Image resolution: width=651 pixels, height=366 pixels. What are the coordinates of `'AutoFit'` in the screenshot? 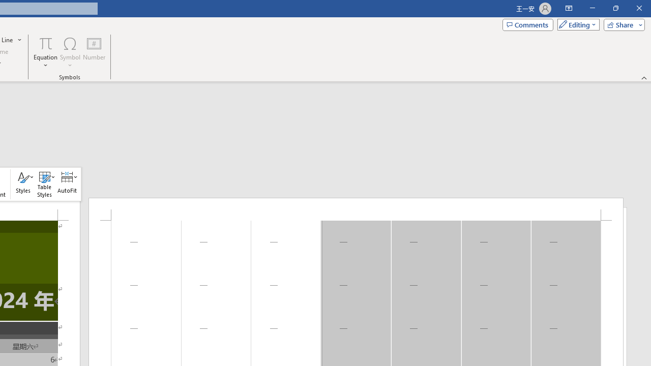 It's located at (67, 184).